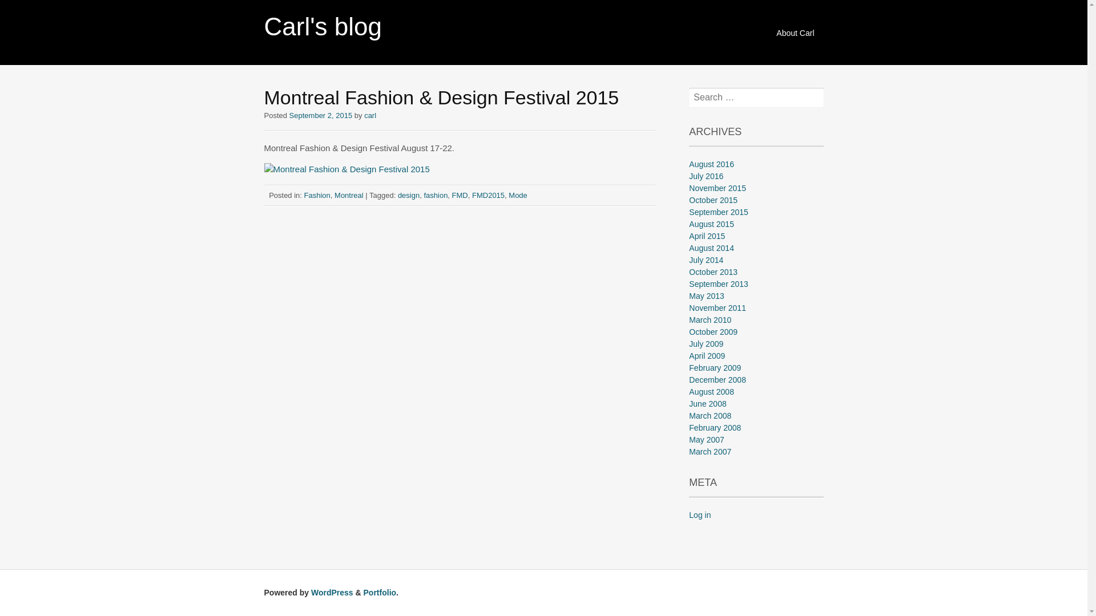  I want to click on 'August 2008', so click(688, 391).